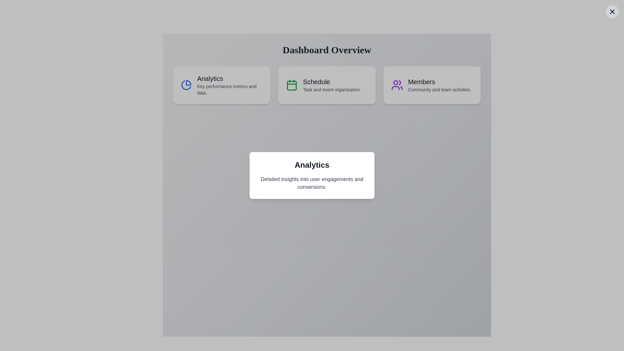 Image resolution: width=624 pixels, height=351 pixels. I want to click on the text label that contains 'Key performance metrics and data.', which is styled with a small gray font and positioned below the 'Analytics' text within the card layout, so click(230, 90).